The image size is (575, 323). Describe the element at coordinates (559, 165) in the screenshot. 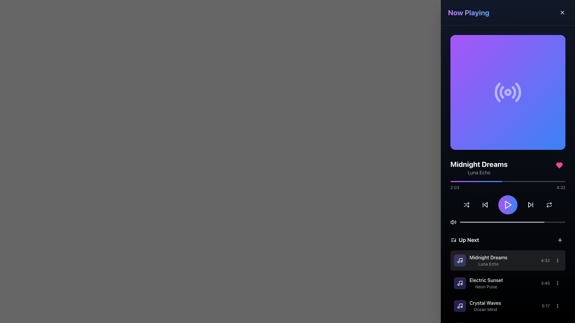

I see `the pink heart-shaped icon to favorite or unfavorite the song 'Midnight Dreams - Luna Echo', located in the top-right corner of the song details section` at that location.